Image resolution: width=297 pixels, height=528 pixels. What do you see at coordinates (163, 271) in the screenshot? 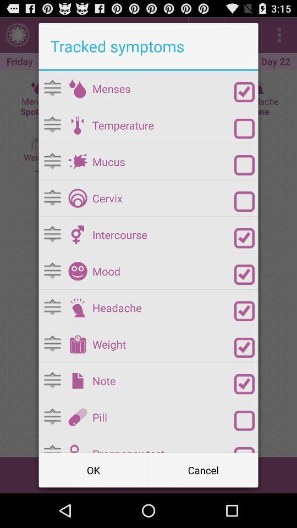
I see `the mood` at bounding box center [163, 271].